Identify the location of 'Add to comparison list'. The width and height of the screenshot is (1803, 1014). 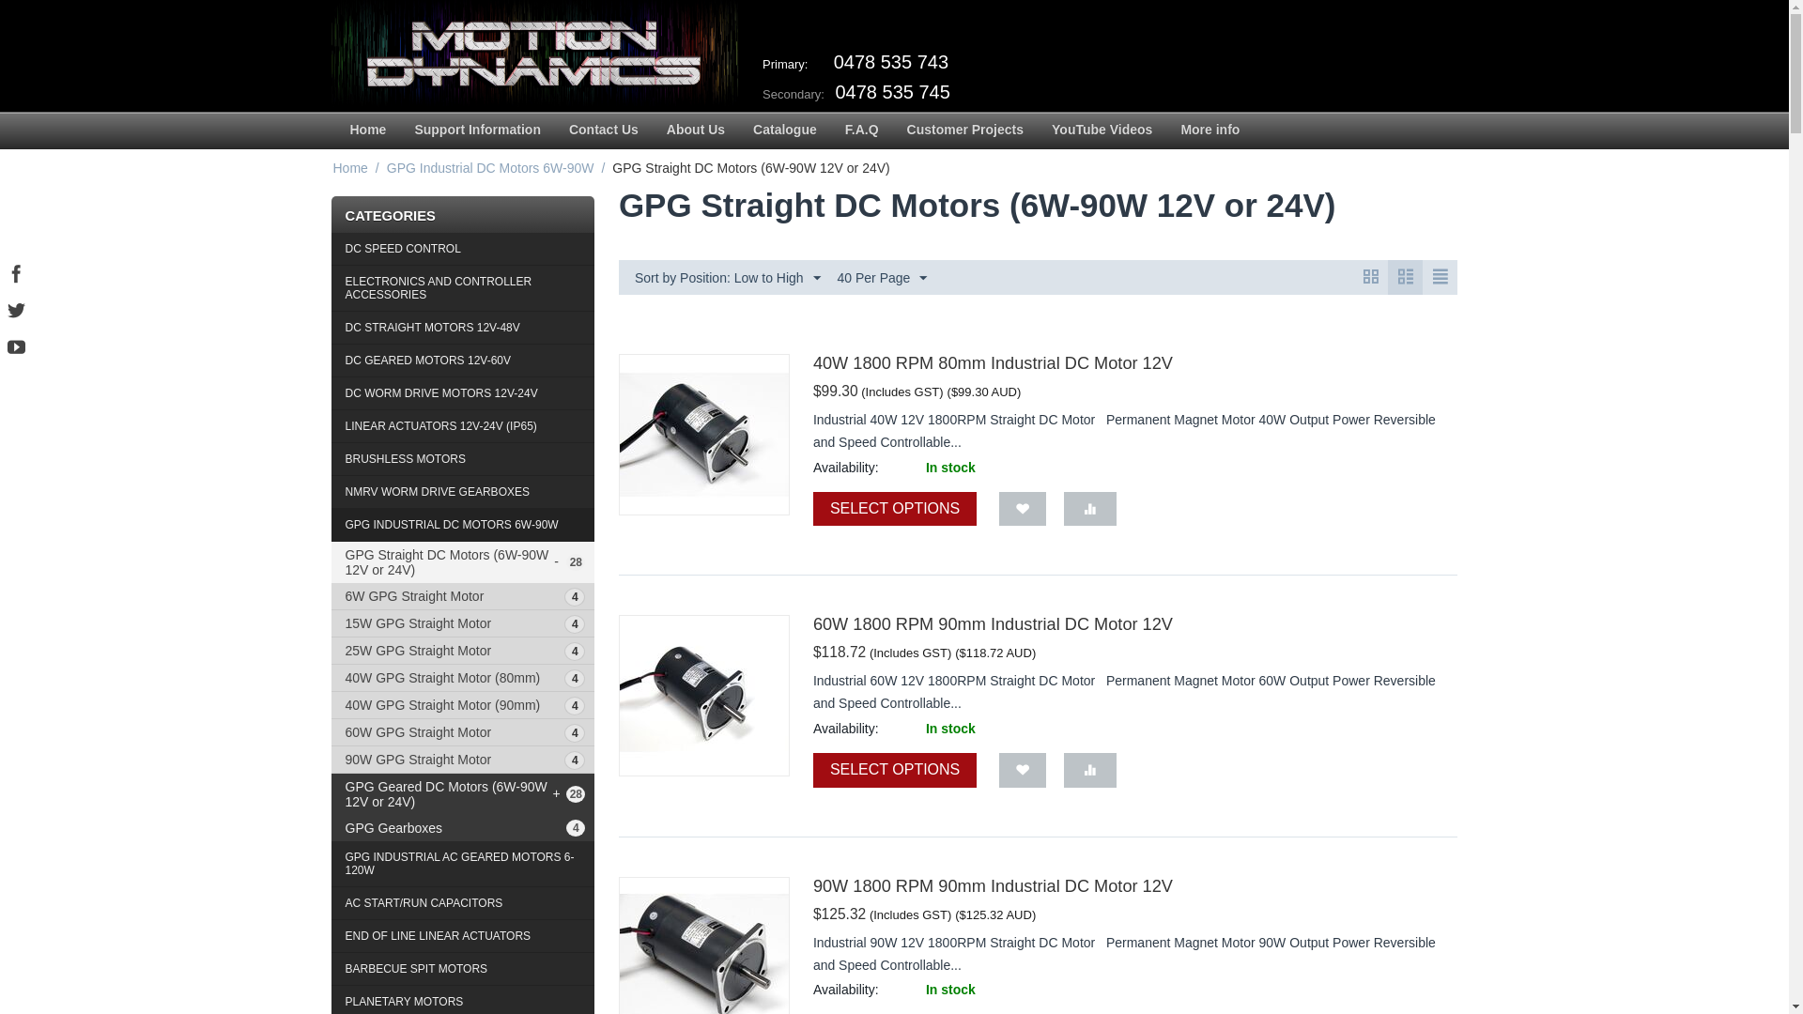
(1090, 509).